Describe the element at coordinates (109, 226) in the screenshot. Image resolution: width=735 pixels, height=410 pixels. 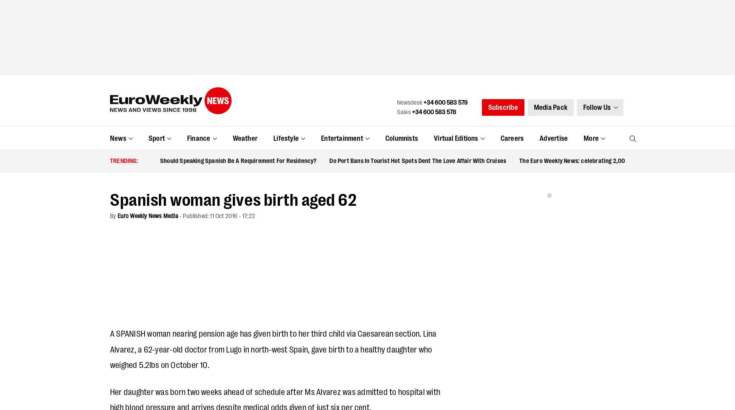
I see `'Comments'` at that location.